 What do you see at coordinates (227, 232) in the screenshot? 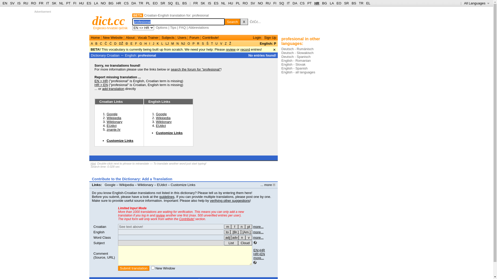
I see `'to'` at bounding box center [227, 232].